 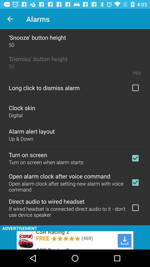 What do you see at coordinates (135, 88) in the screenshot?
I see `click option` at bounding box center [135, 88].